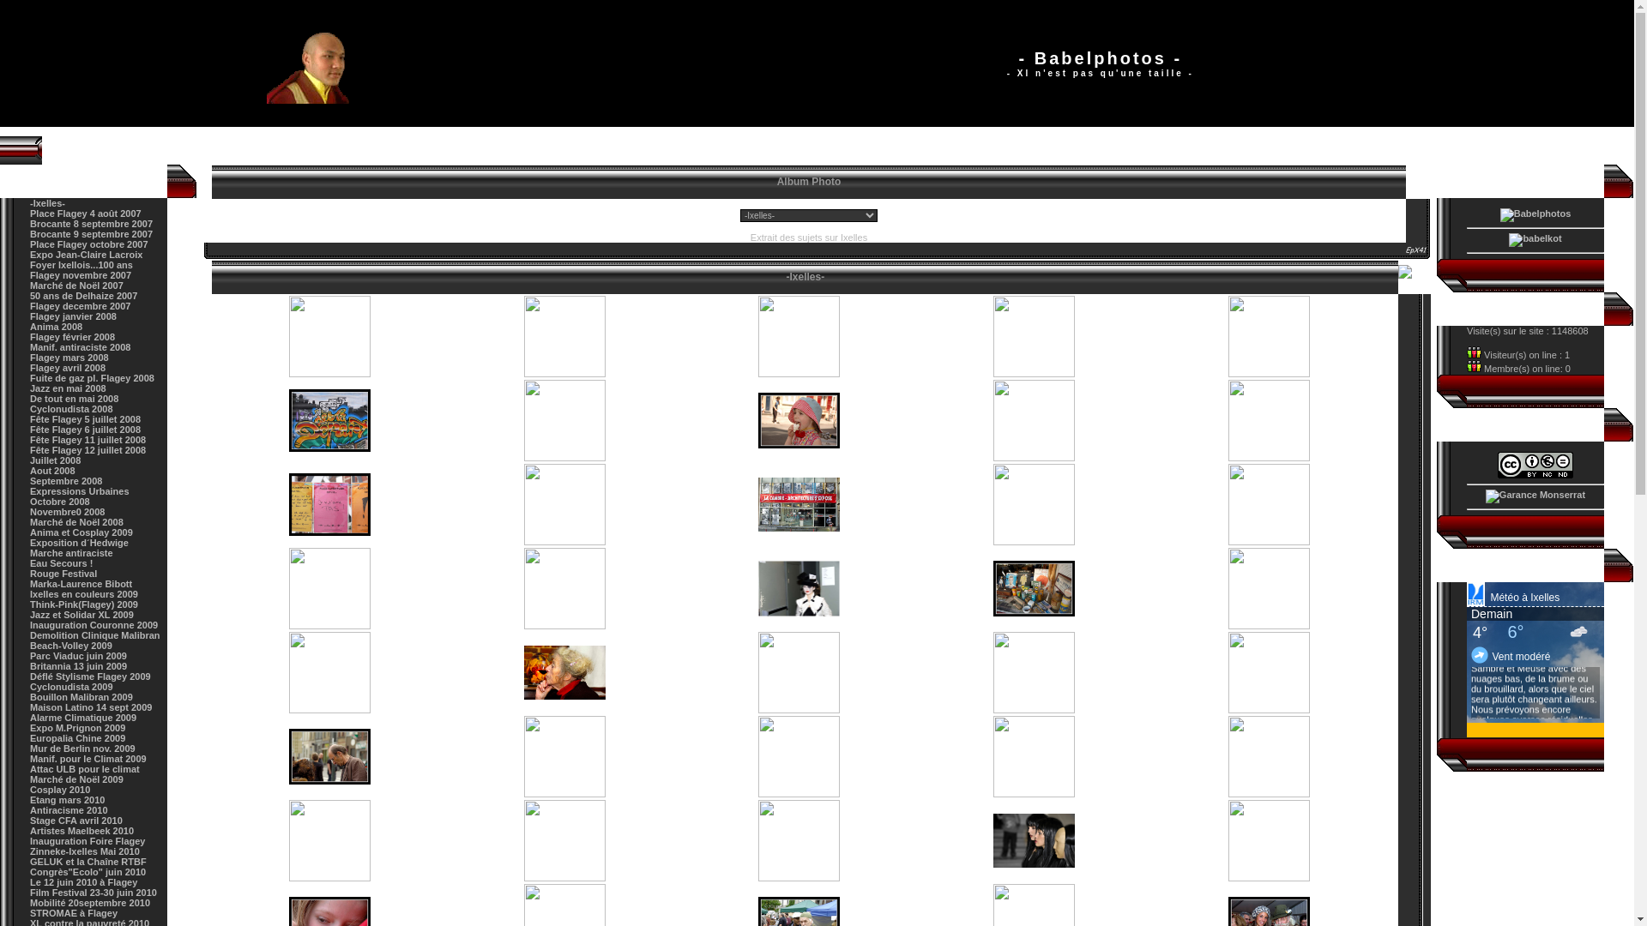  Describe the element at coordinates (80, 274) in the screenshot. I see `'Flagey novembre 2007'` at that location.